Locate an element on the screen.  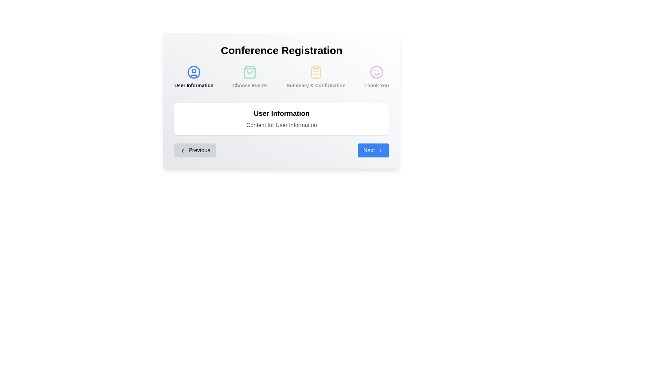
the 'Summary & Confirmation' navigation step indicator is located at coordinates (316, 77).